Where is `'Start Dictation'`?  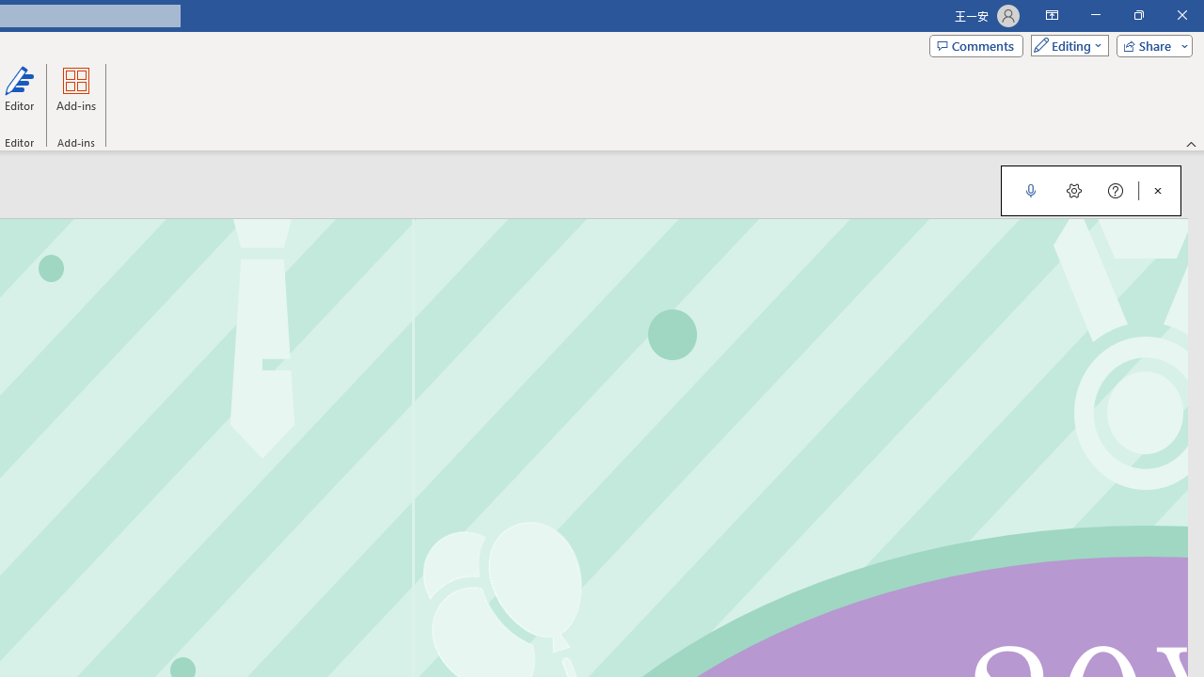 'Start Dictation' is located at coordinates (1030, 191).